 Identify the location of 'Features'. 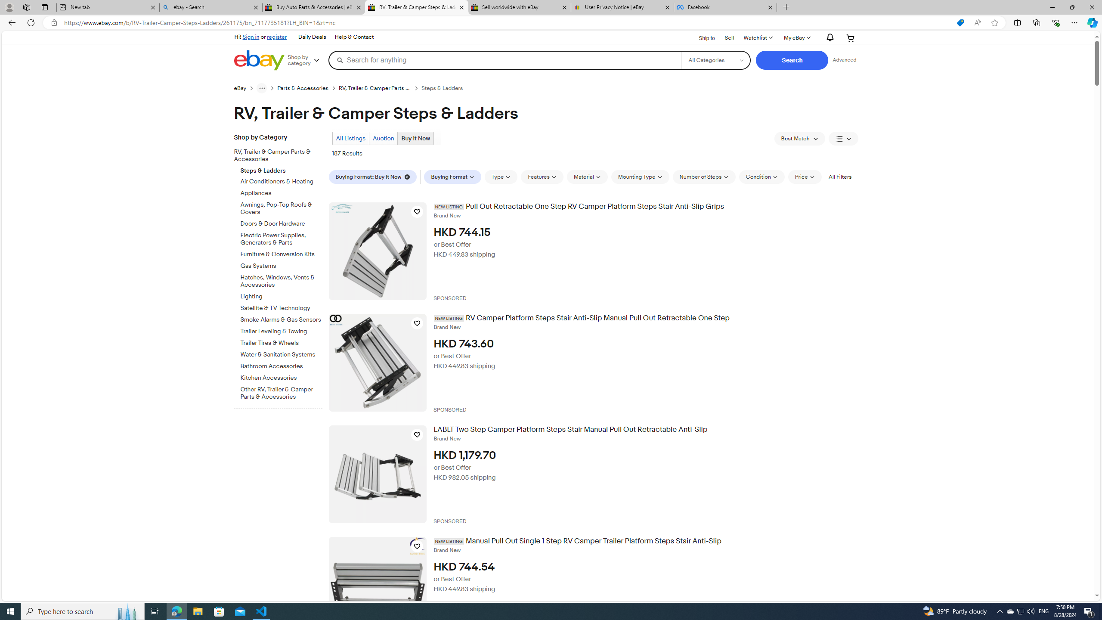
(542, 177).